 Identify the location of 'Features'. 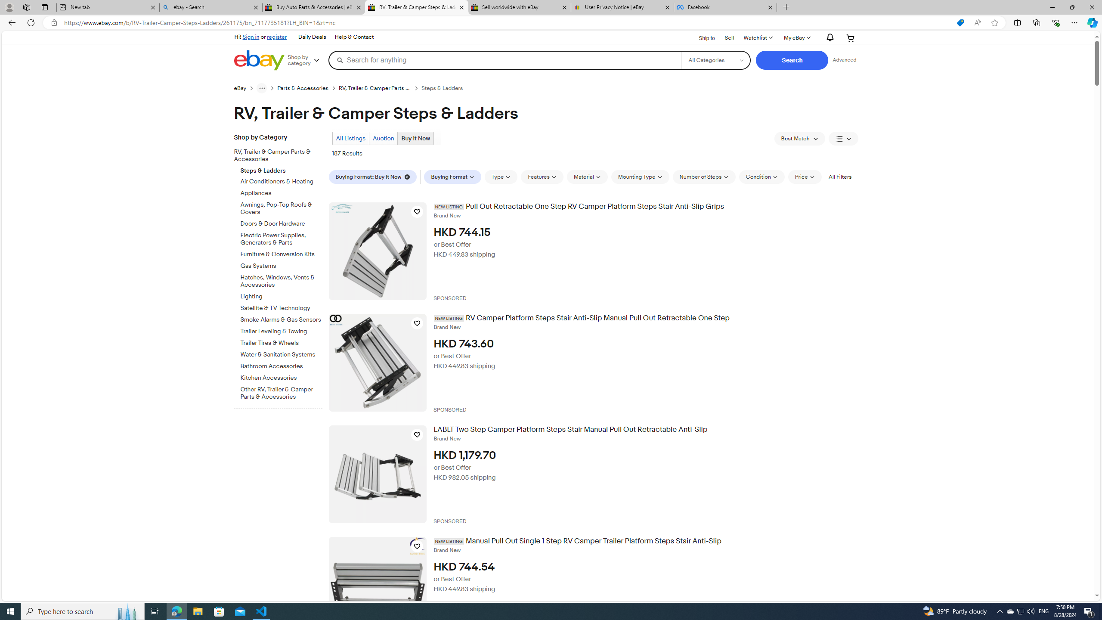
(542, 177).